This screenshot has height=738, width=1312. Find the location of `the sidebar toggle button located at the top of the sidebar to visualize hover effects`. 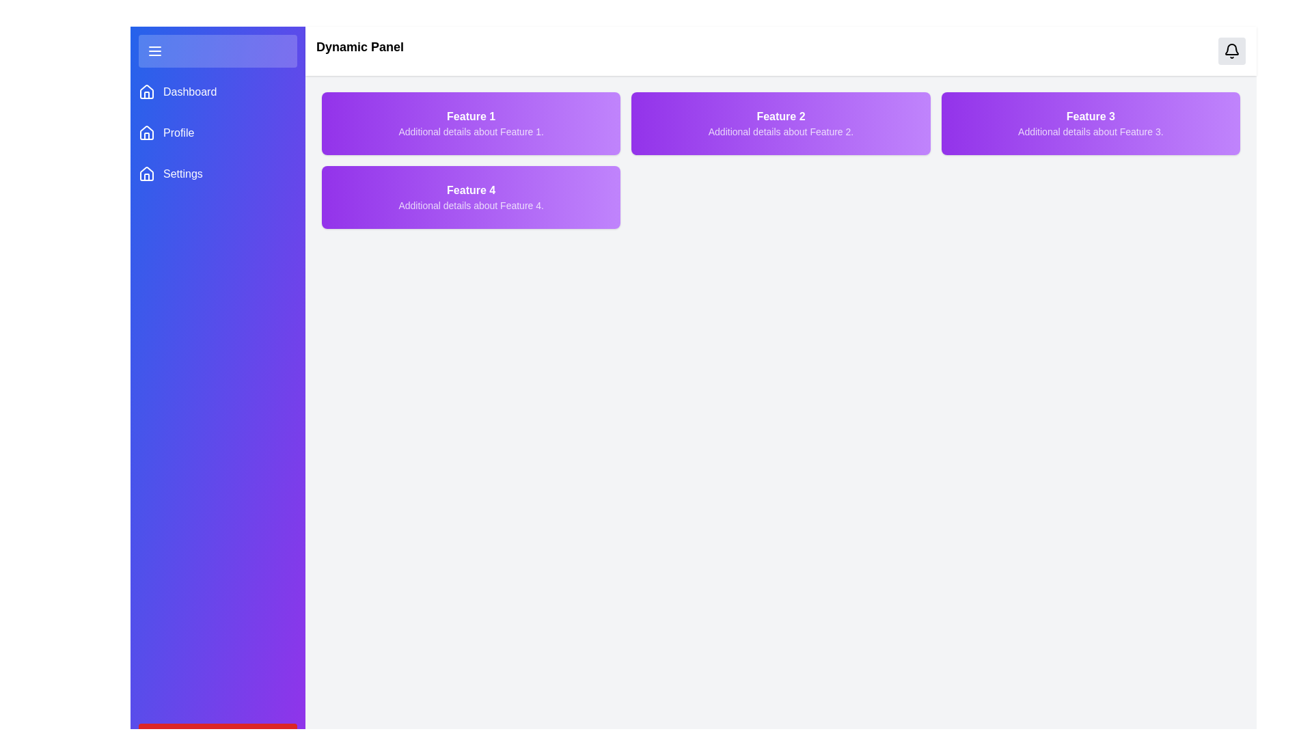

the sidebar toggle button located at the top of the sidebar to visualize hover effects is located at coordinates (217, 50).